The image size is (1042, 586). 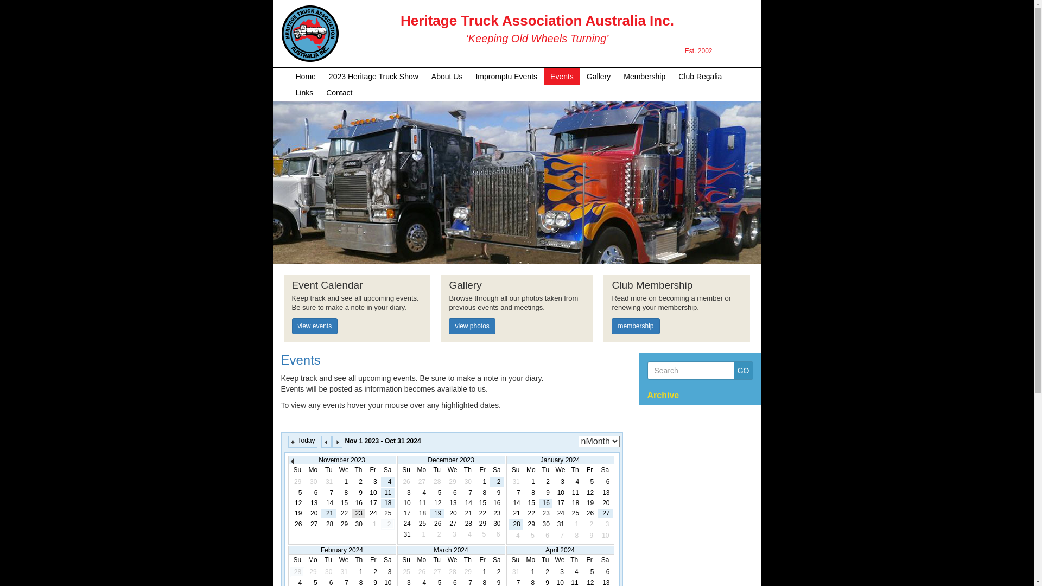 What do you see at coordinates (358, 493) in the screenshot?
I see `'9'` at bounding box center [358, 493].